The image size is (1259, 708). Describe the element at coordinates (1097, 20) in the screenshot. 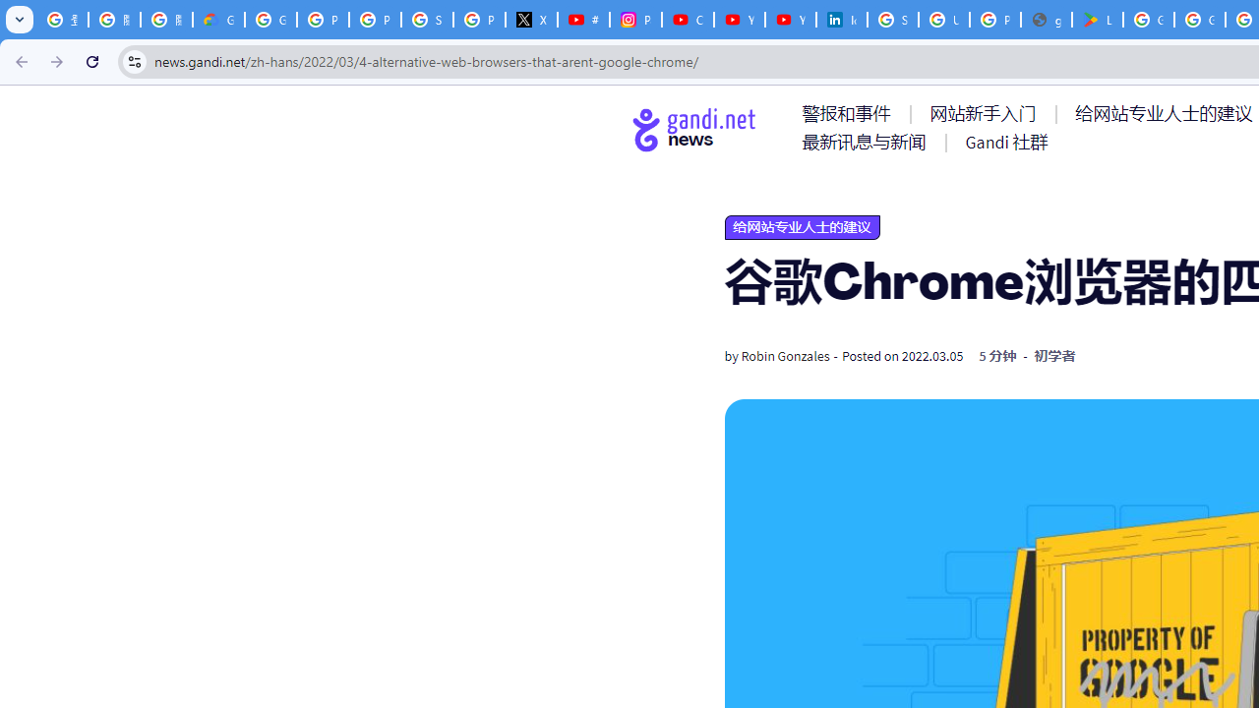

I see `'Last Shelter: Survival - Apps on Google Play'` at that location.